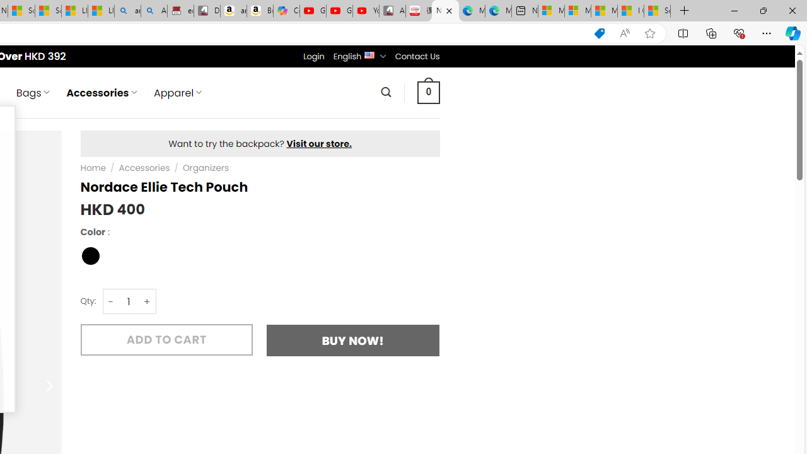  What do you see at coordinates (650, 33) in the screenshot?
I see `'Add this page to favorites (Ctrl+D)'` at bounding box center [650, 33].